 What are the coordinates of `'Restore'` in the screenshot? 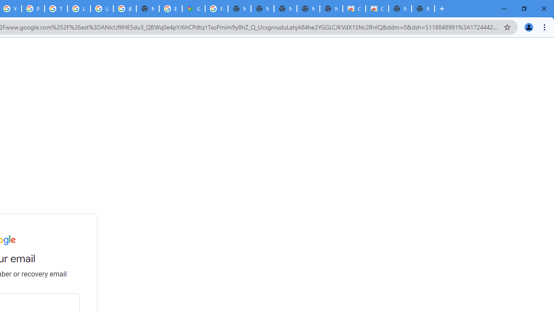 It's located at (523, 9).